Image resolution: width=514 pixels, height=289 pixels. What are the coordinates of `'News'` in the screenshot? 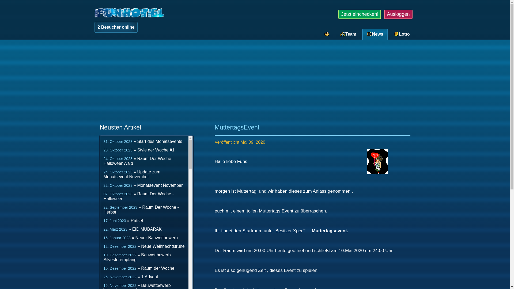 It's located at (375, 34).